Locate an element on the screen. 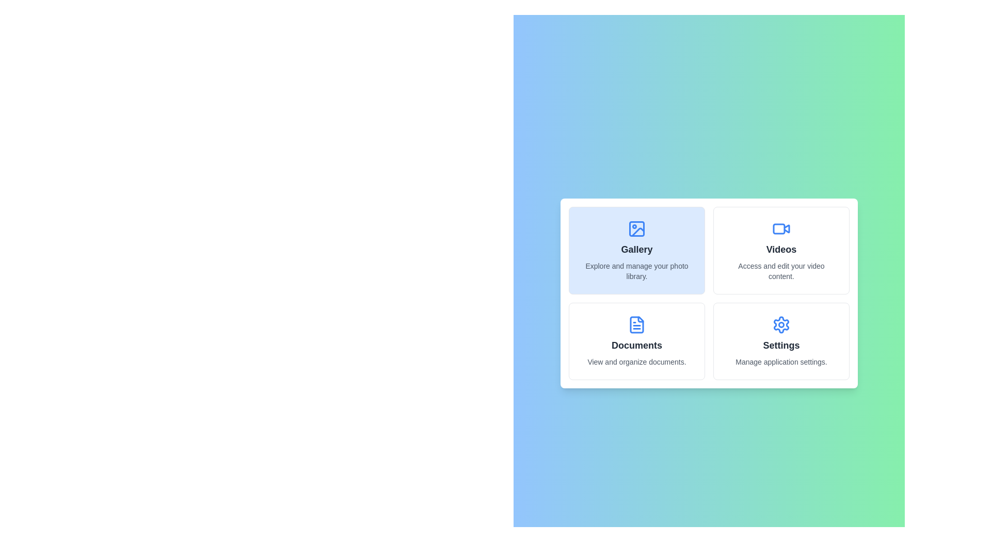  the icon and label for Settings is located at coordinates (781, 341).